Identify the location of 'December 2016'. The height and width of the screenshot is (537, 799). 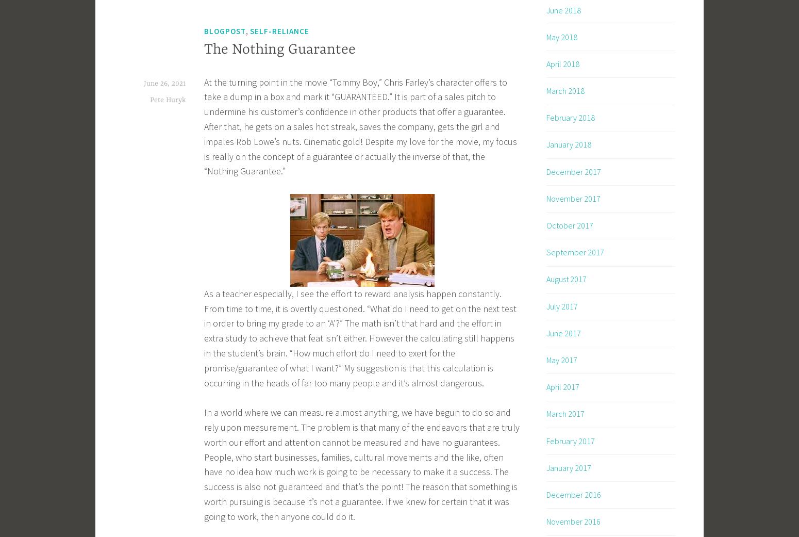
(573, 494).